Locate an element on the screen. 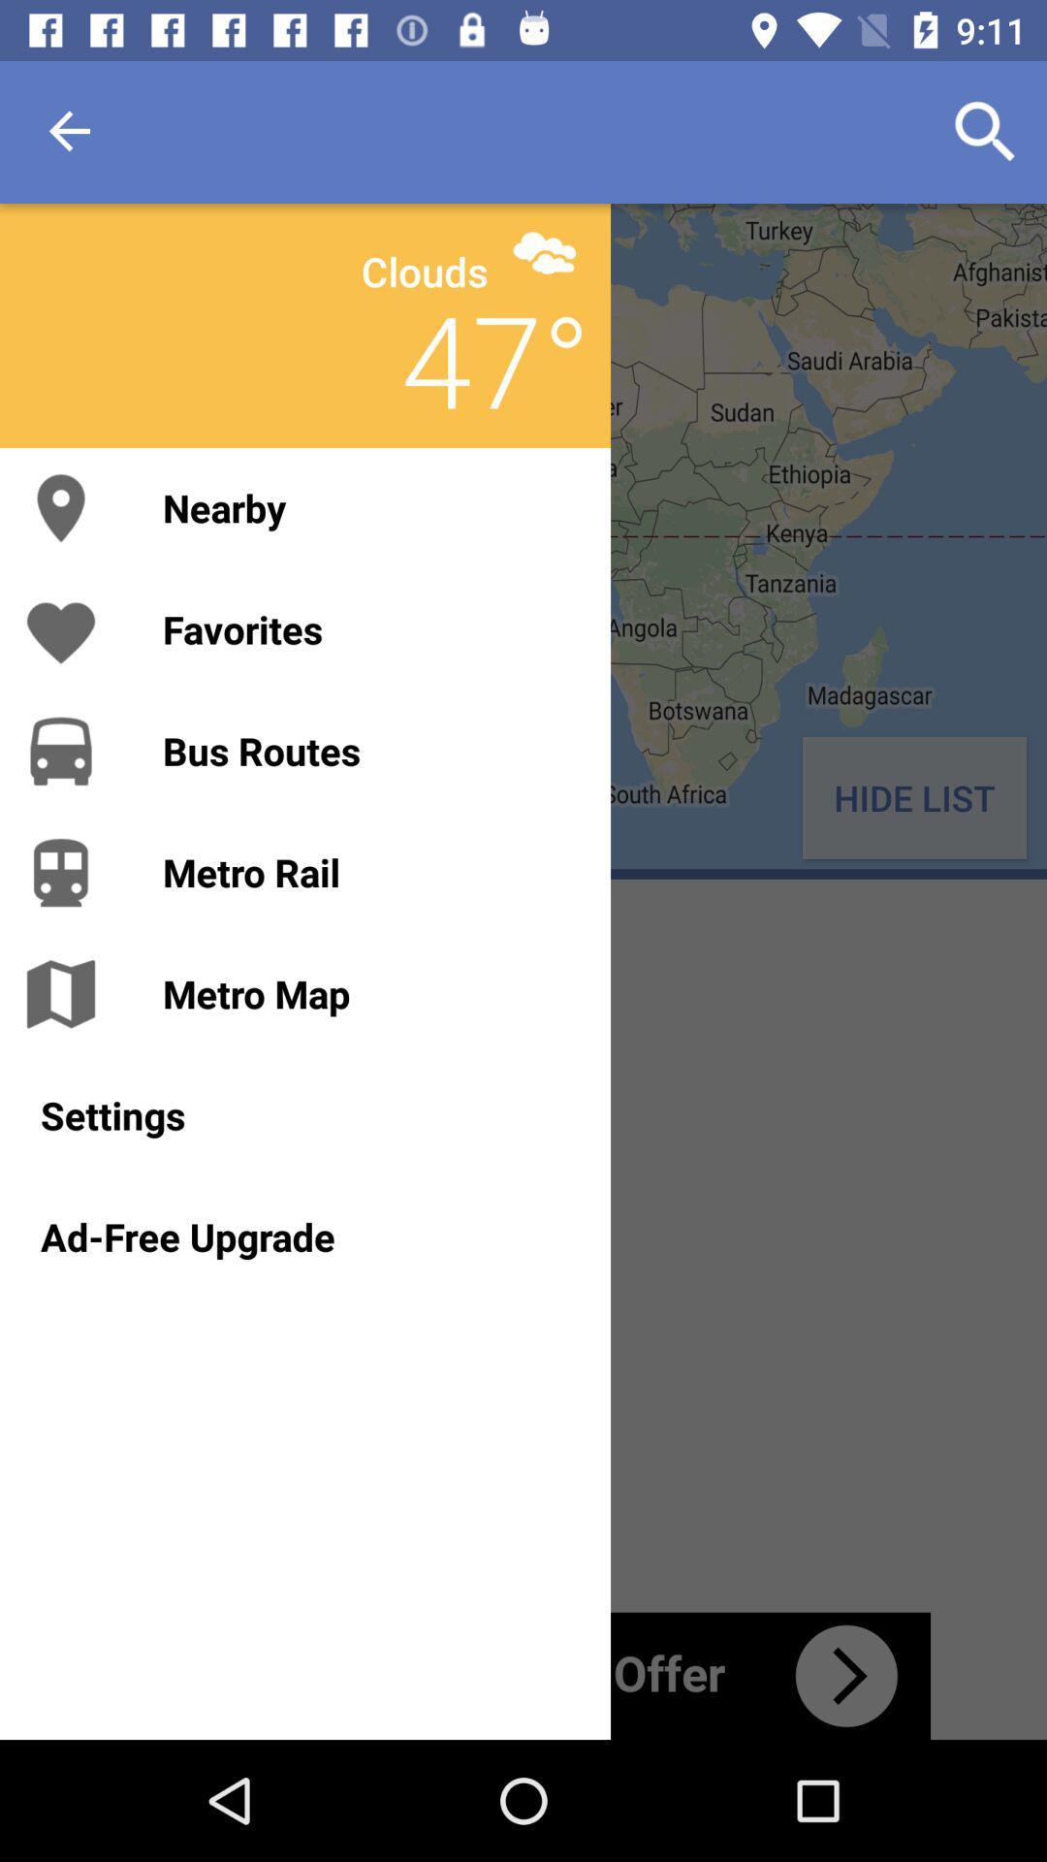 This screenshot has width=1047, height=1862. the item next to hide list is located at coordinates (366, 871).